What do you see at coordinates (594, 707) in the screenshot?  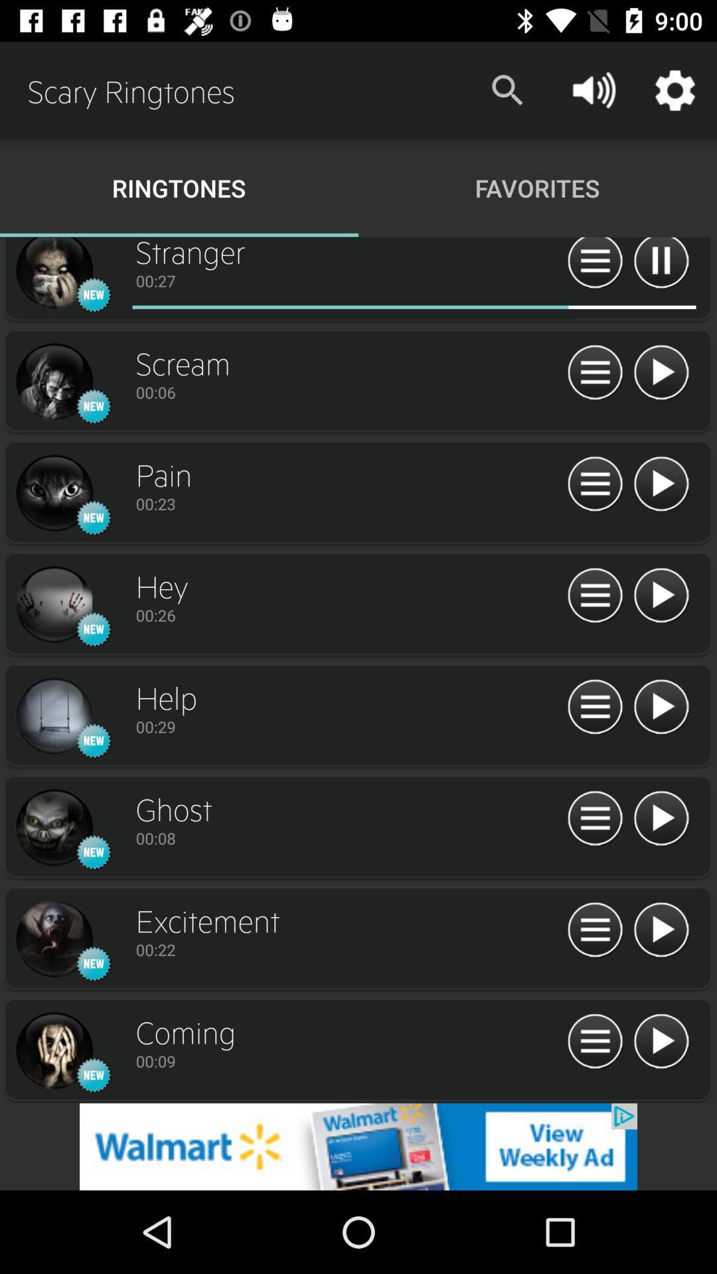 I see `more song options` at bounding box center [594, 707].